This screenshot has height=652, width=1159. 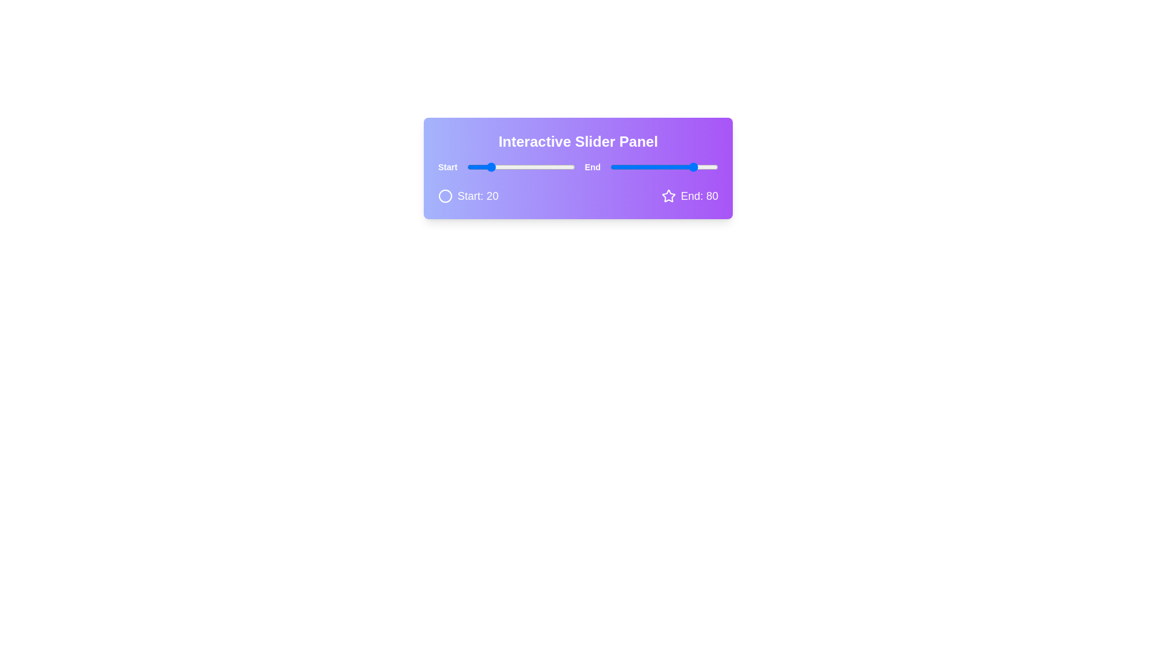 I want to click on the five-pointed star icon filled with a gradient color blending between purple and white, located adjacent to the text 'End: 80' on the interactive slider panel, so click(x=668, y=195).